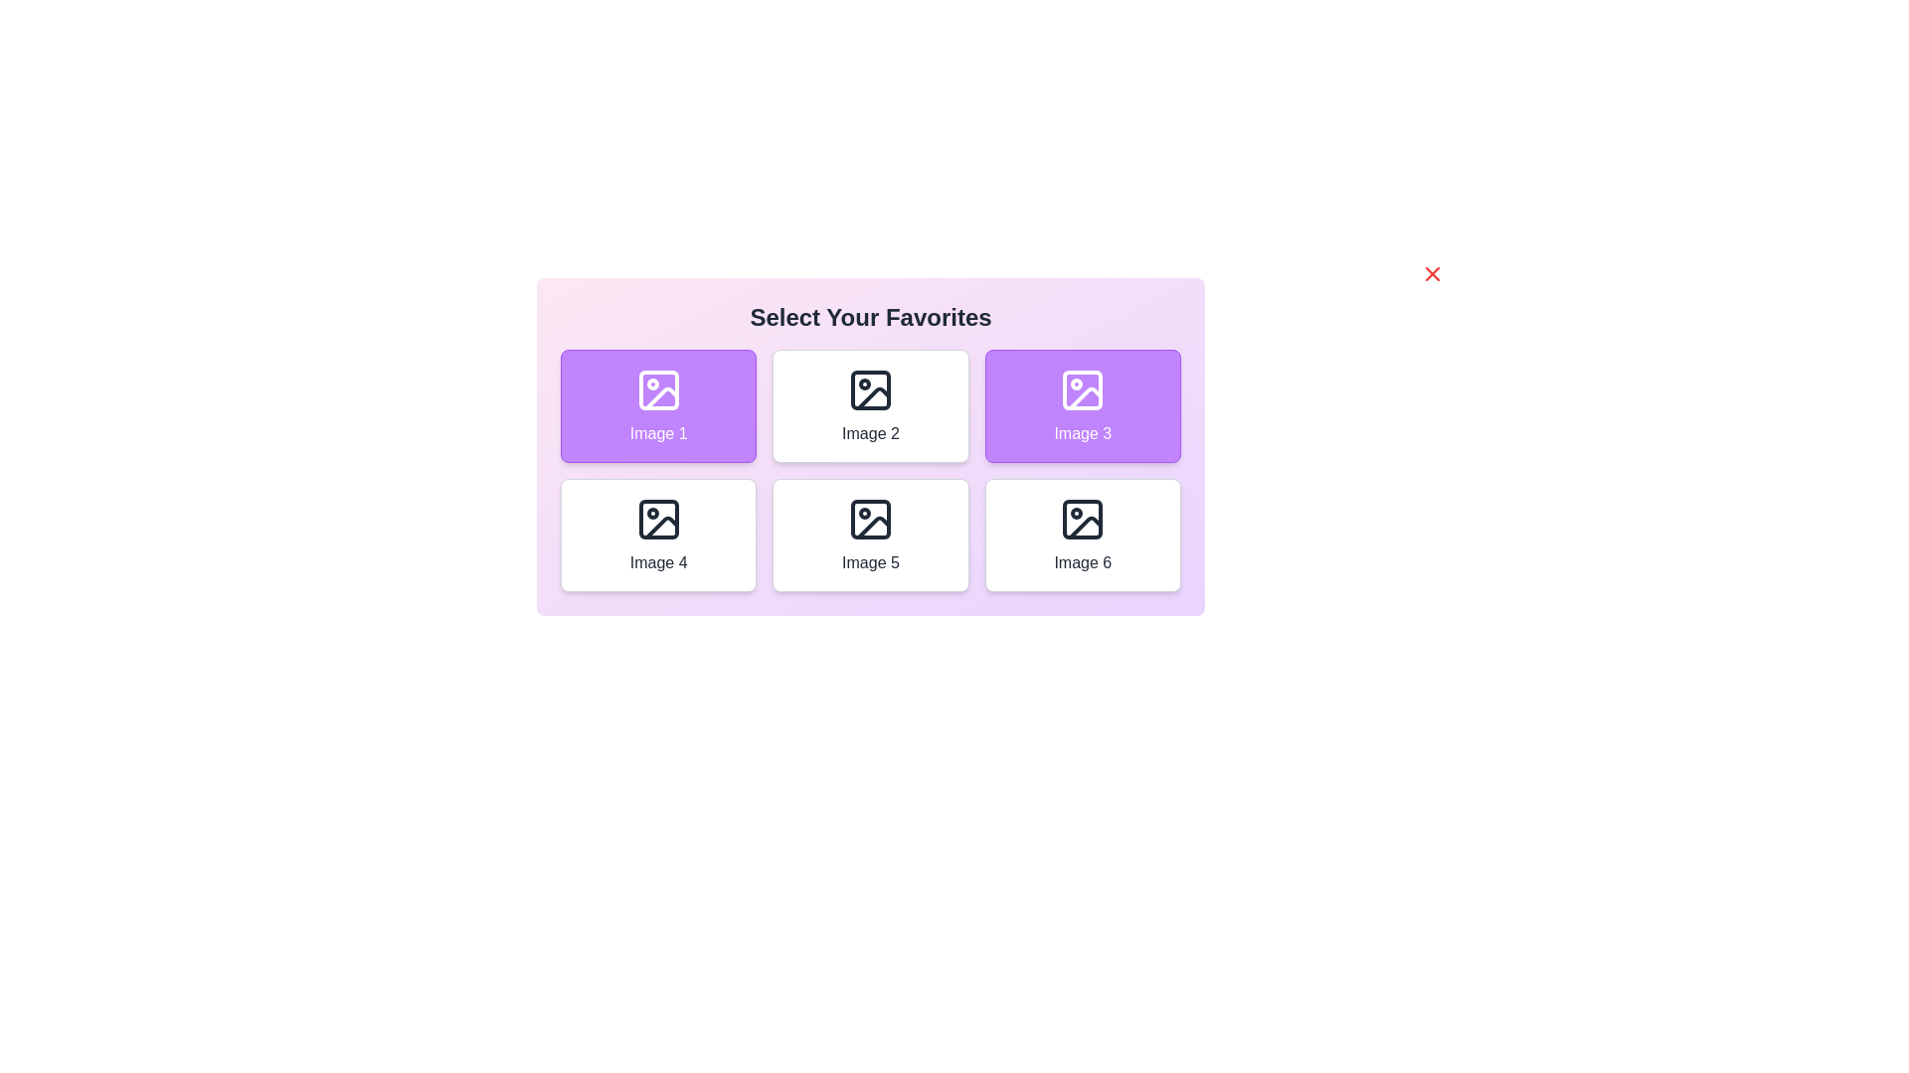 This screenshot has width=1909, height=1073. Describe the element at coordinates (1082, 404) in the screenshot. I see `the image labeled Image 3 to toggle its selection state` at that location.